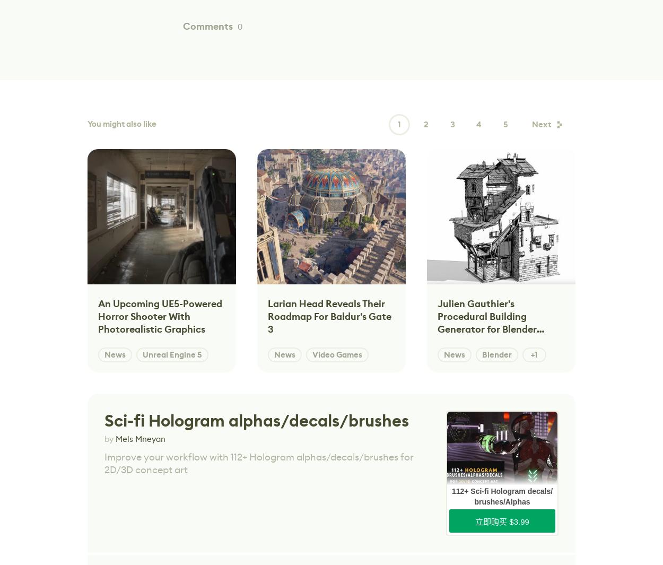 This screenshot has height=565, width=663. What do you see at coordinates (534, 355) in the screenshot?
I see `'+1'` at bounding box center [534, 355].